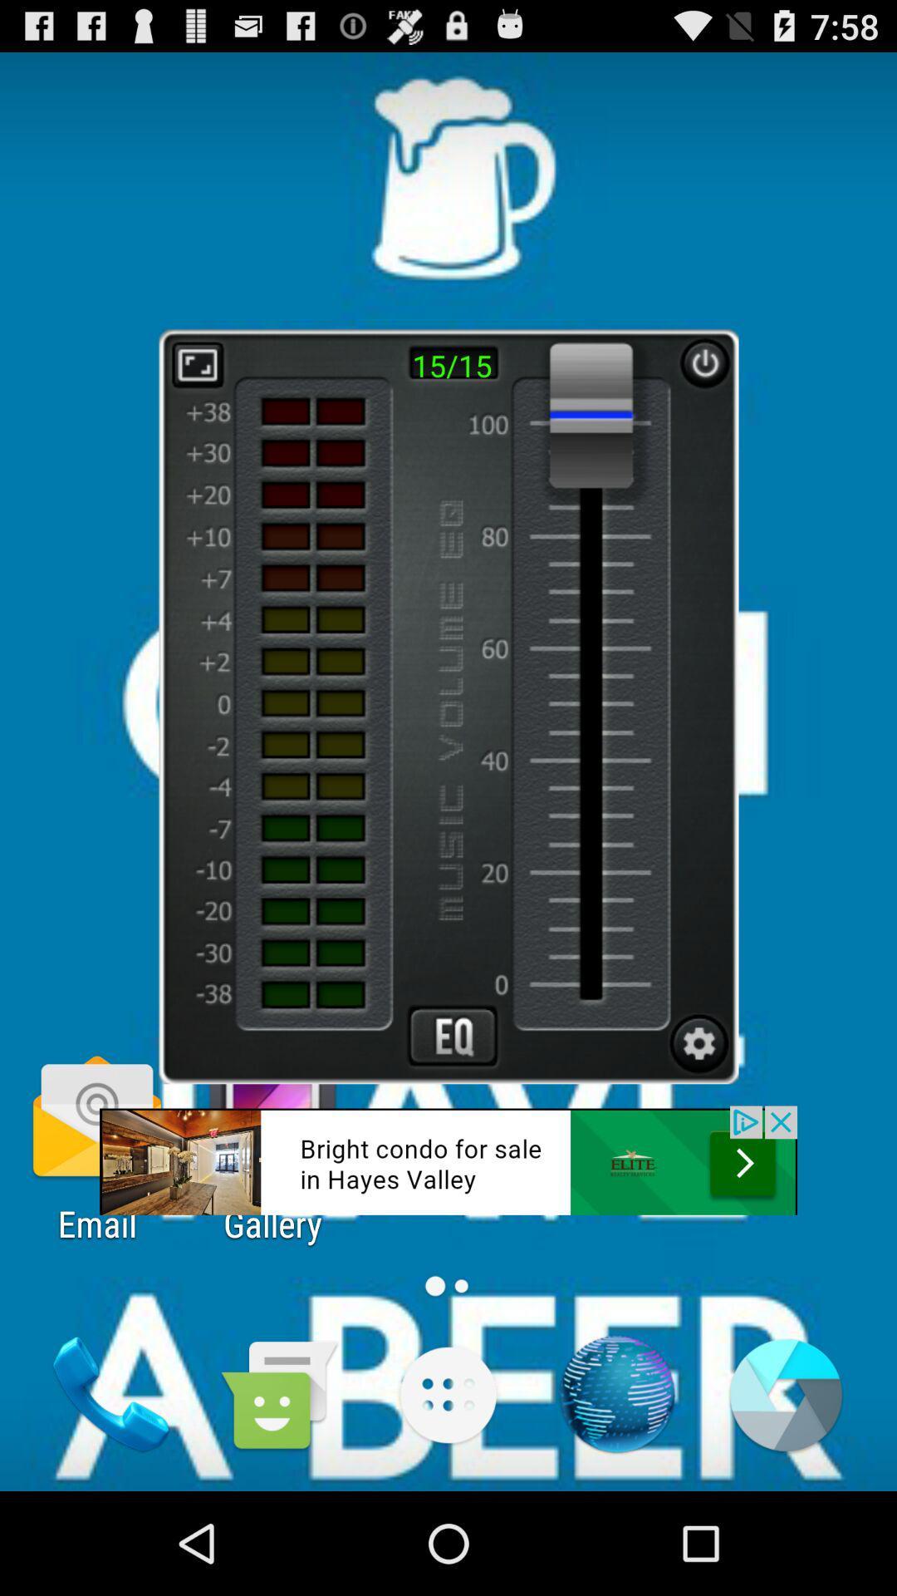 The height and width of the screenshot is (1596, 897). I want to click on open equalizer, so click(453, 1035).